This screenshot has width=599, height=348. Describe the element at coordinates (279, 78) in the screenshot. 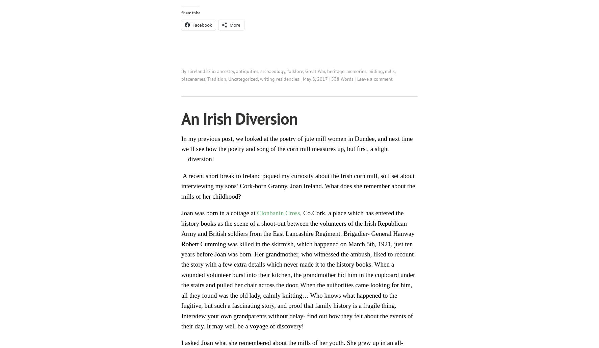

I see `'writing residencies'` at that location.